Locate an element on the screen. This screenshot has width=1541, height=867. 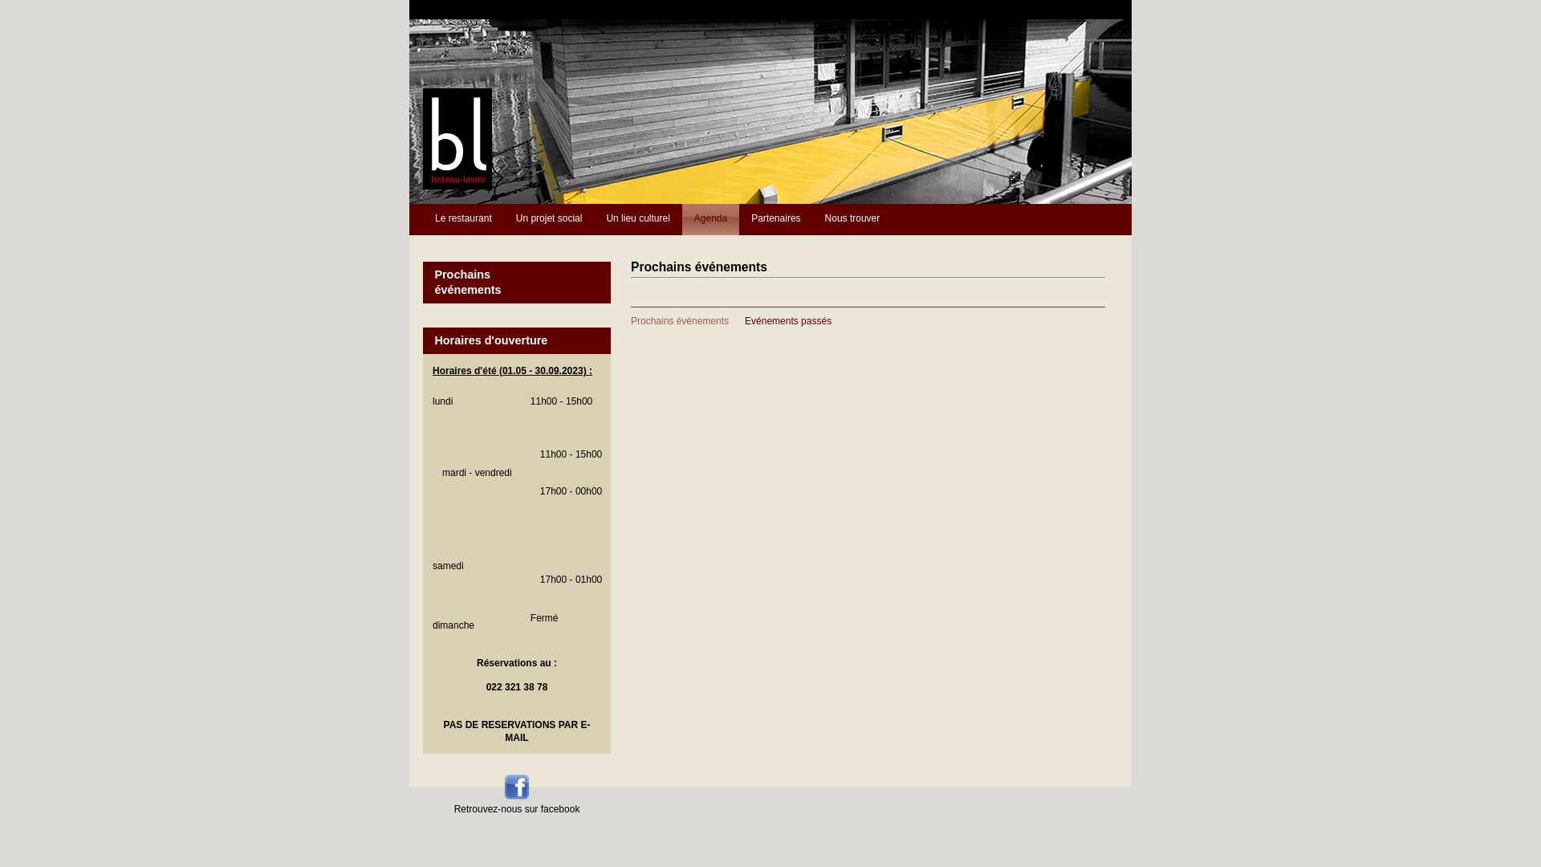
'Partenaires' is located at coordinates (775, 219).